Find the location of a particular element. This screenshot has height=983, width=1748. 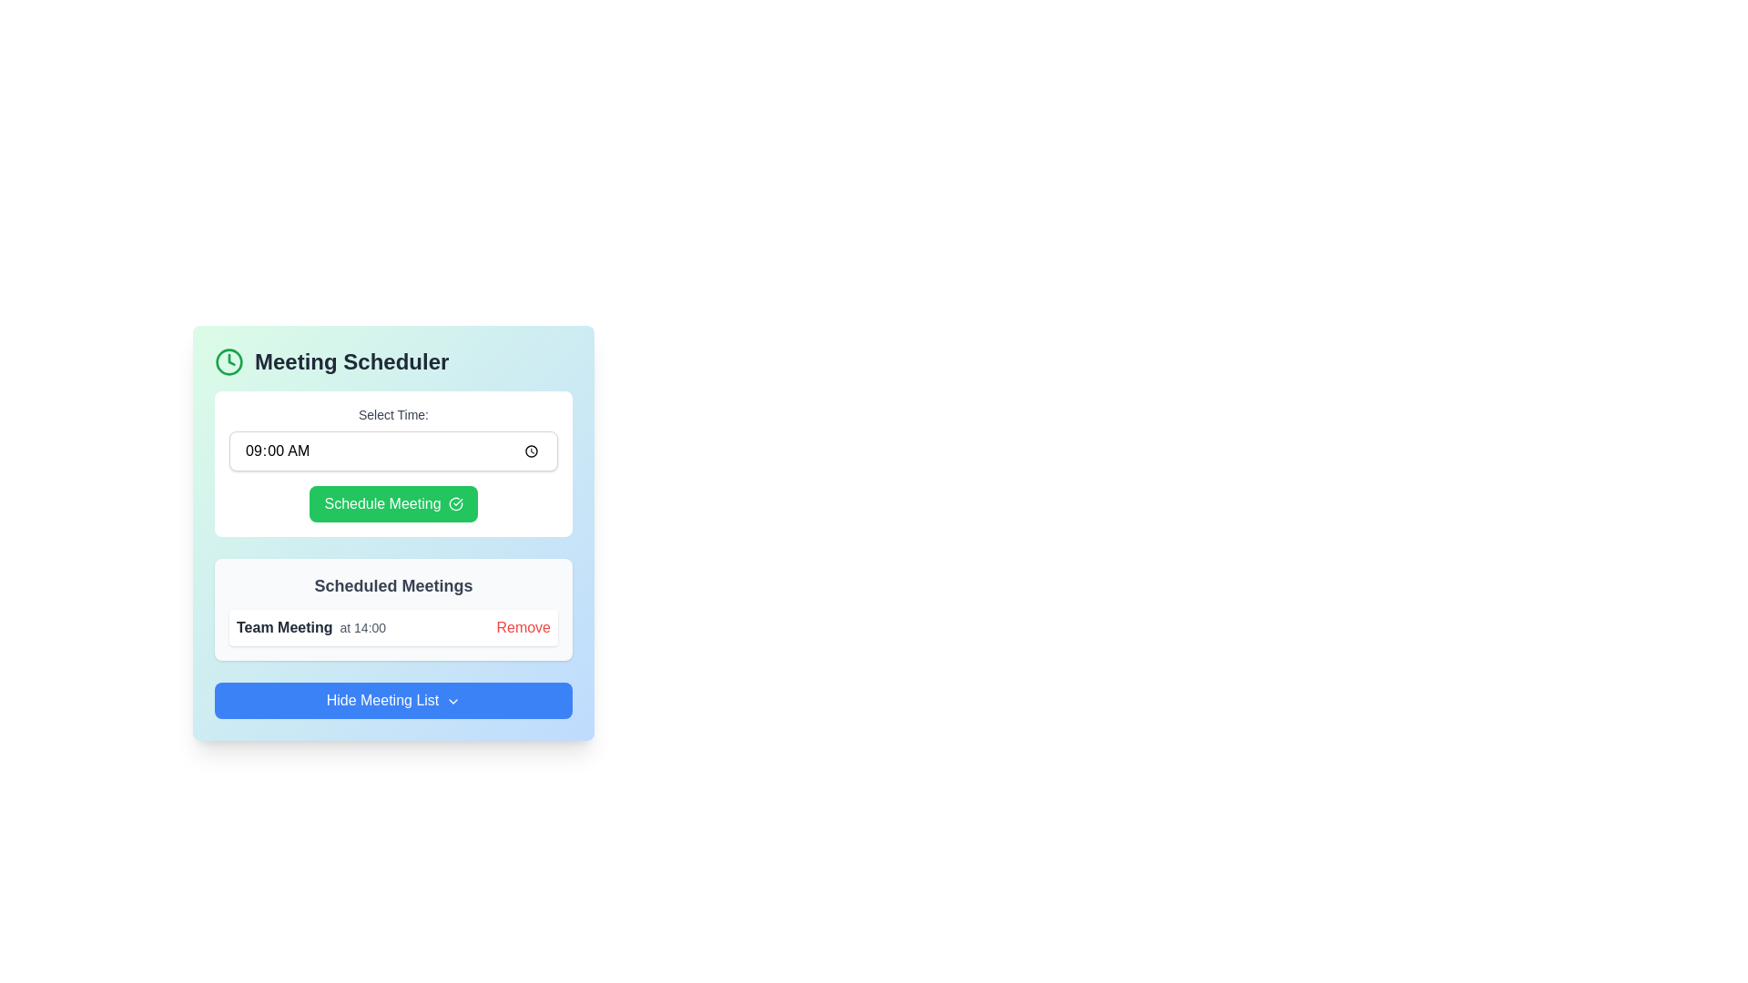

the circular graphical element representing the body of a clock icon in the SVG image, which is located at the center of the clock-shaped icon near the 'Meeting Scheduler' heading is located at coordinates (229, 361).